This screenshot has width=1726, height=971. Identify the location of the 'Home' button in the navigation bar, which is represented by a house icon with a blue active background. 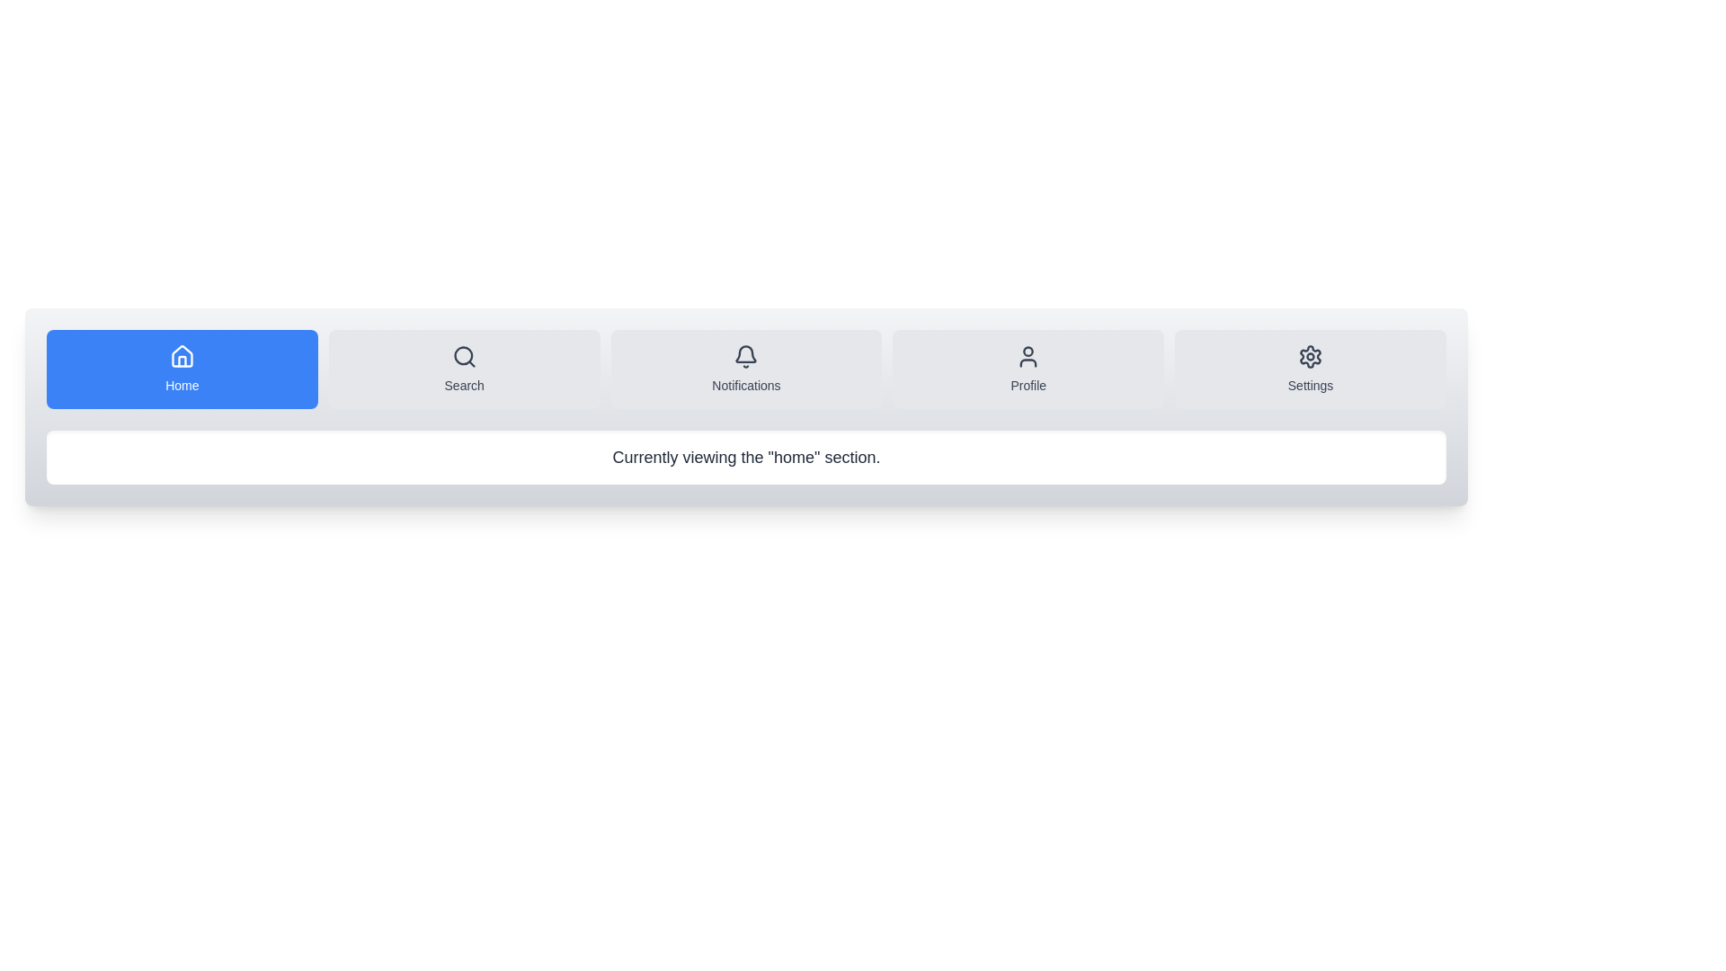
(182, 356).